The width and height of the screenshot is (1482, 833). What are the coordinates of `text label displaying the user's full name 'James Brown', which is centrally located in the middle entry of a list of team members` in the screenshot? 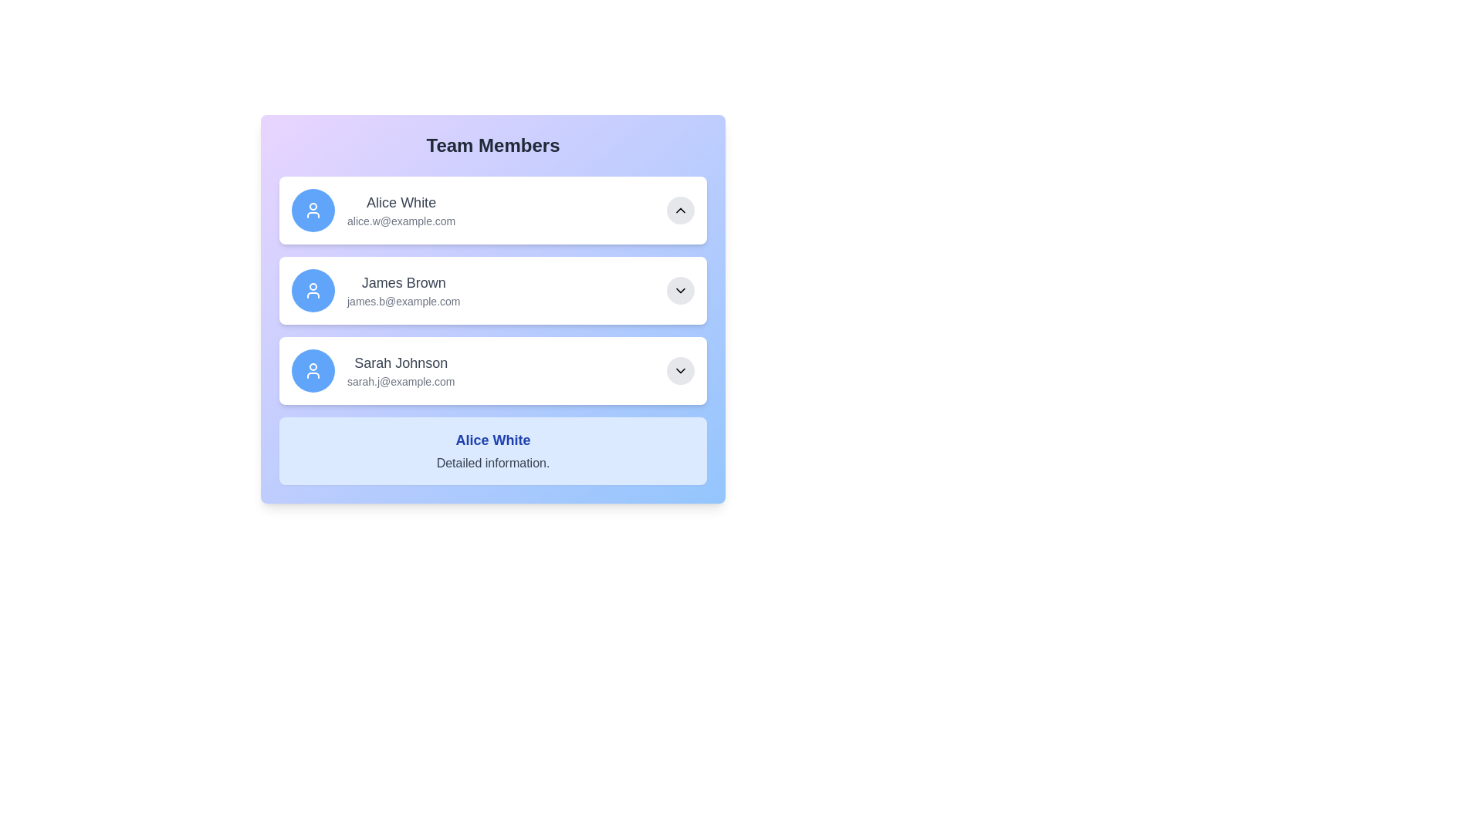 It's located at (404, 282).